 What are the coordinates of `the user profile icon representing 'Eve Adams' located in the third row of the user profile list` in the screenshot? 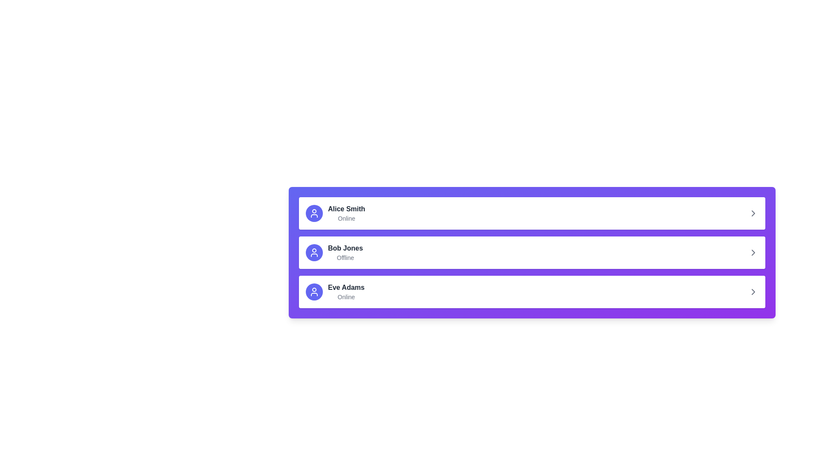 It's located at (313, 291).